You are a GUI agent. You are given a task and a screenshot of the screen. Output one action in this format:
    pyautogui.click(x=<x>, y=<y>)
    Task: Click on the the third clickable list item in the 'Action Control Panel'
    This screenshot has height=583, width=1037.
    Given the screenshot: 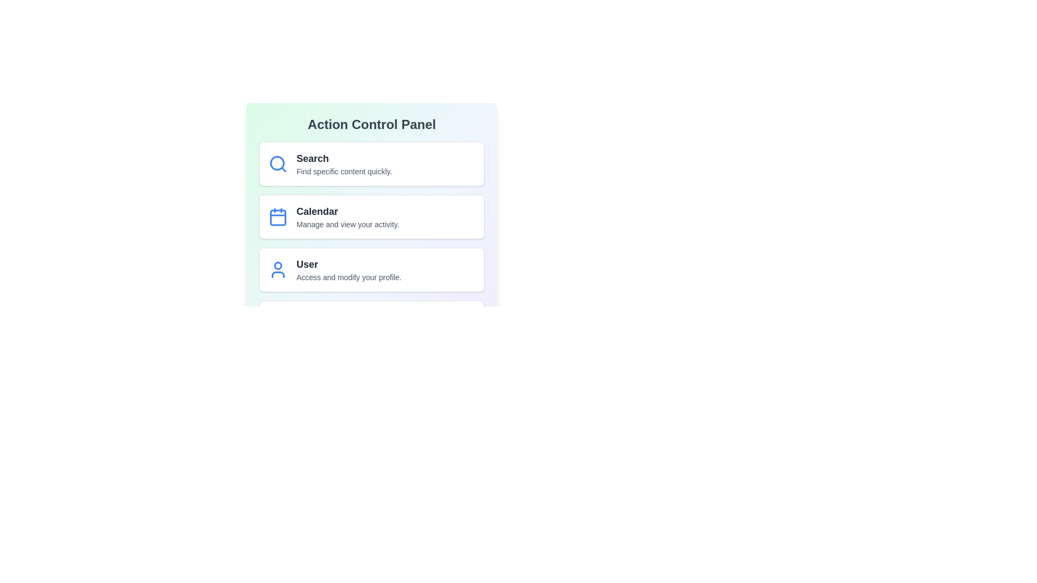 What is the action you would take?
    pyautogui.click(x=372, y=269)
    